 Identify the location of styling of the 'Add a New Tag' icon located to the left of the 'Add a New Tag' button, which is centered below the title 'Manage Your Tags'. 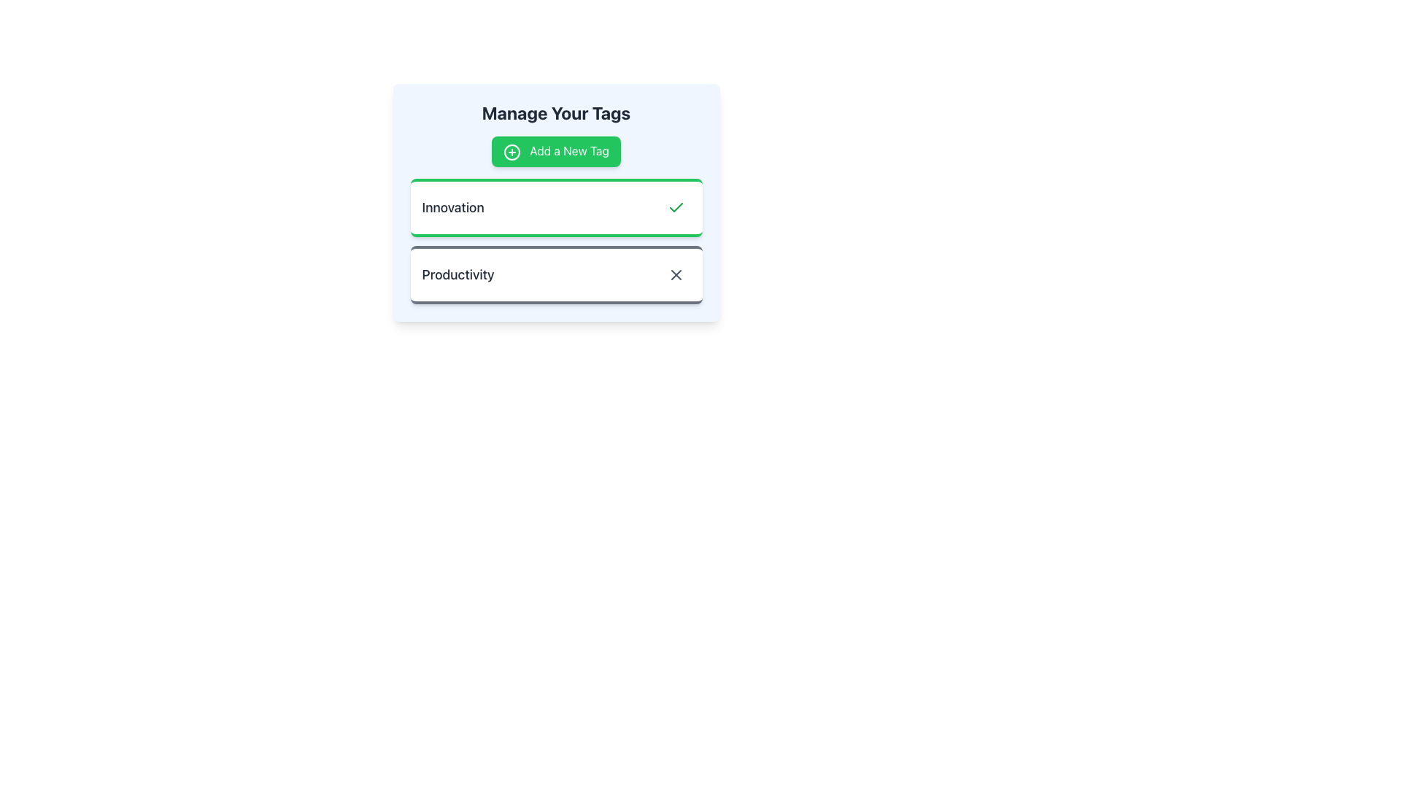
(512, 152).